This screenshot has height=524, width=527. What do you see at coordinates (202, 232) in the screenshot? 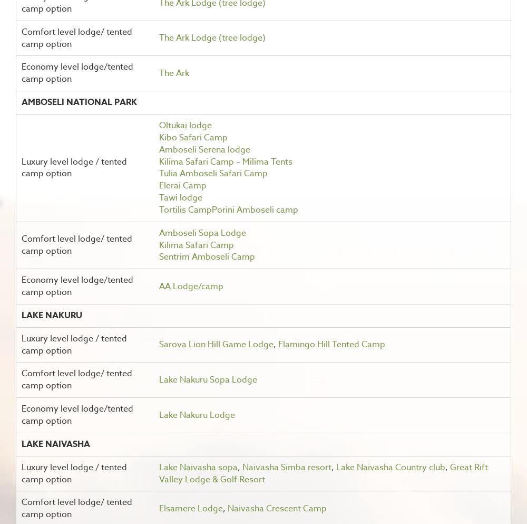
I see `'Amboseli Sopa Lodge'` at bounding box center [202, 232].